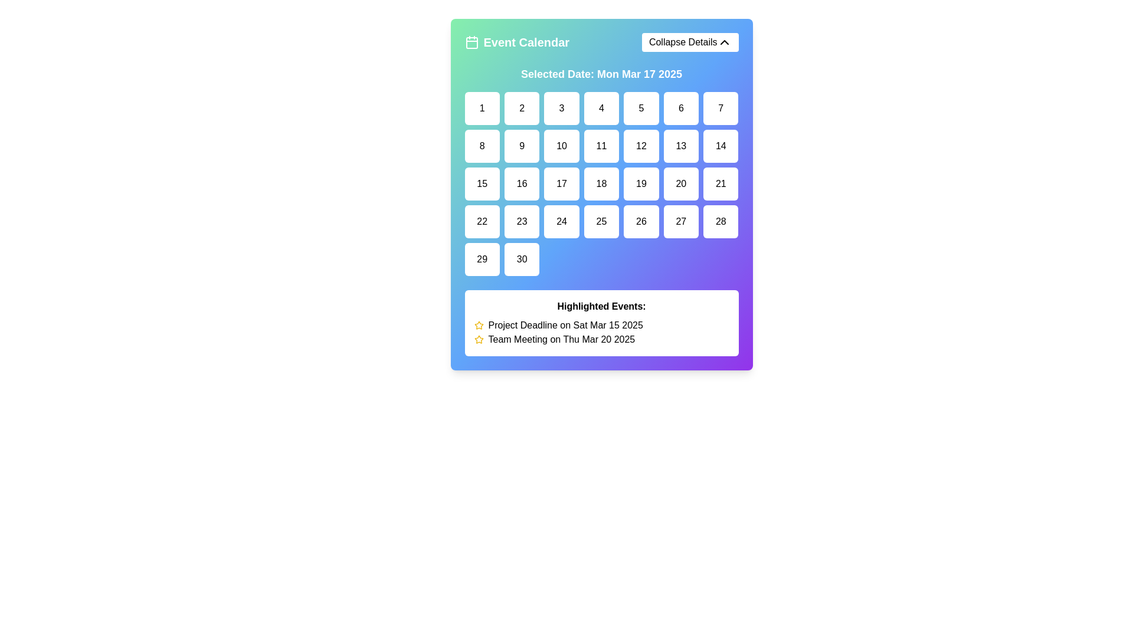 The height and width of the screenshot is (637, 1133). What do you see at coordinates (561, 184) in the screenshot?
I see `the square button with a white background and rounded corners that displays the number '17' in black font` at bounding box center [561, 184].